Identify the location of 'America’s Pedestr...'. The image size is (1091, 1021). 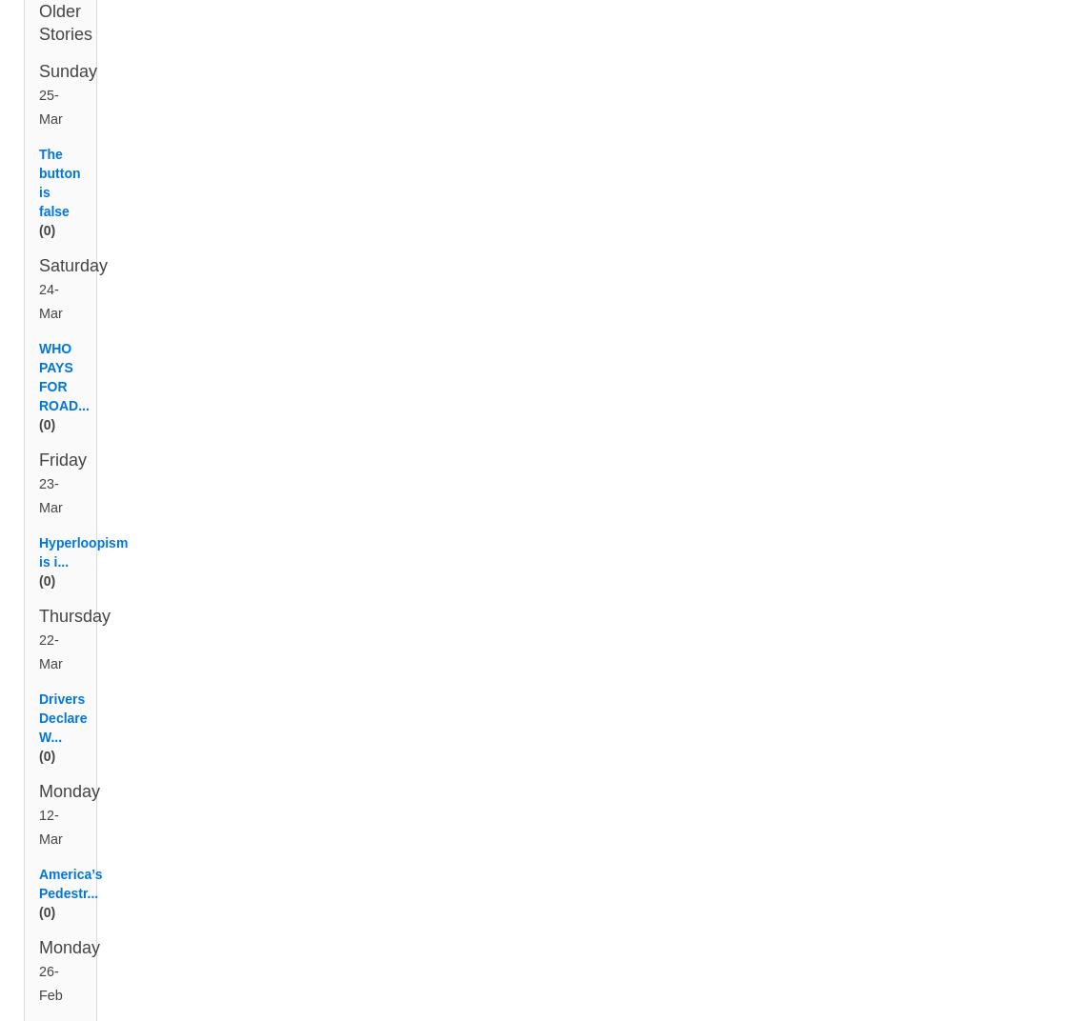
(70, 906).